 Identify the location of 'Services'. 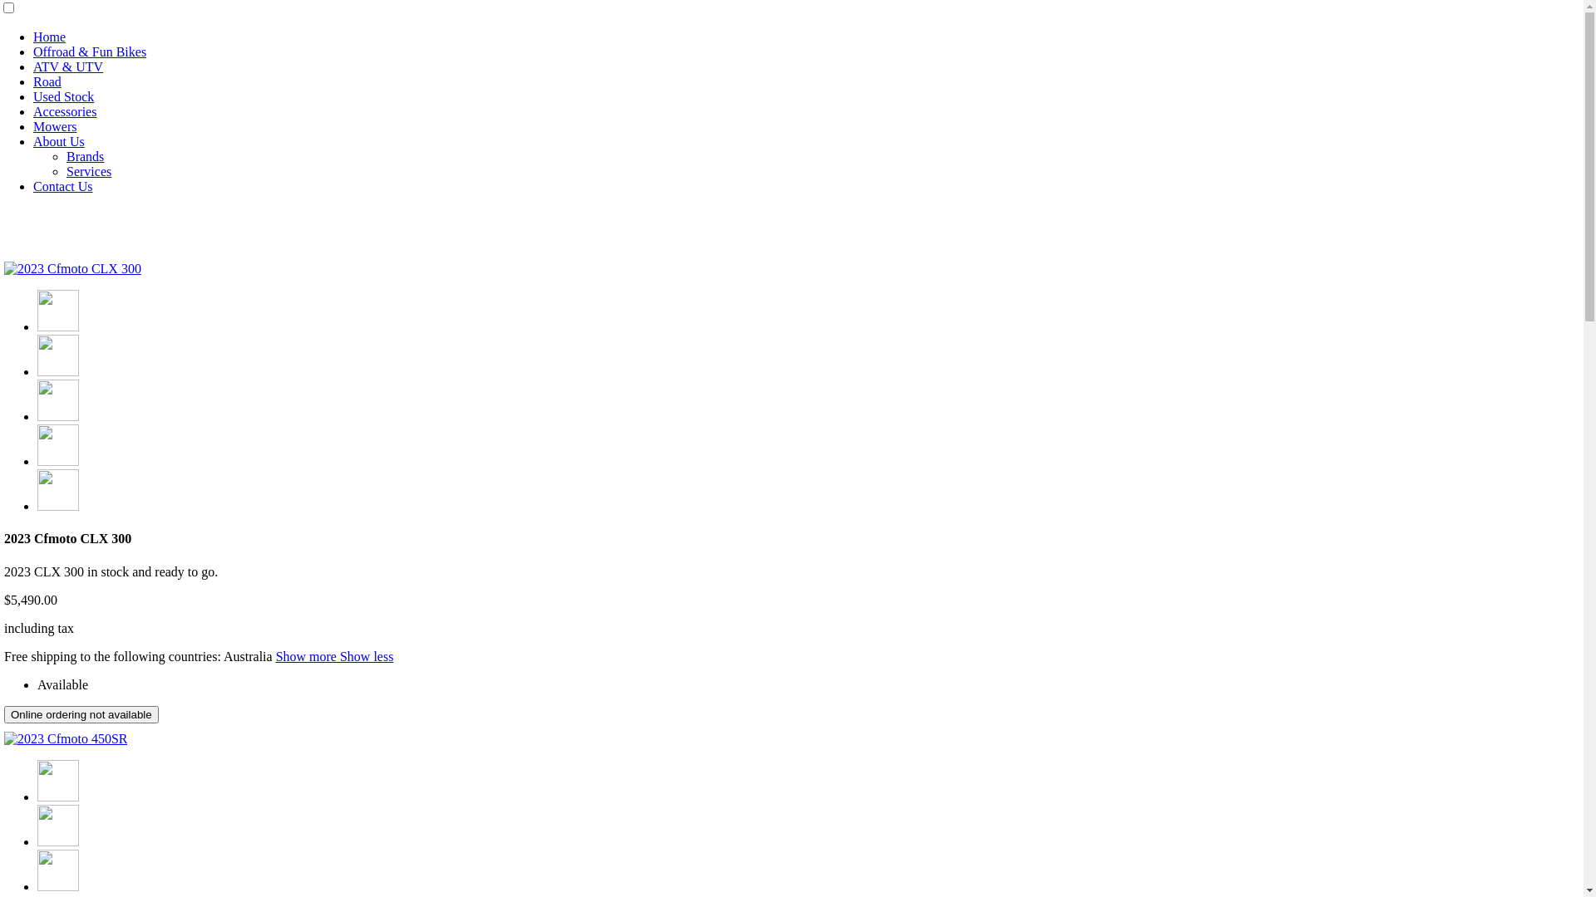
(87, 171).